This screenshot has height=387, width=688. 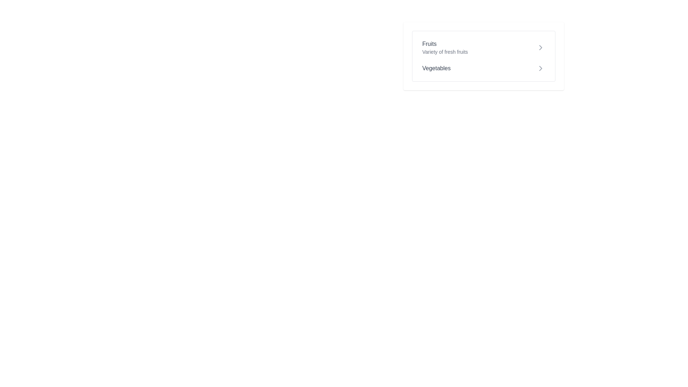 I want to click on the first selectable list item labeled 'Fruits' with a bold title and a subtitle, so click(x=483, y=47).